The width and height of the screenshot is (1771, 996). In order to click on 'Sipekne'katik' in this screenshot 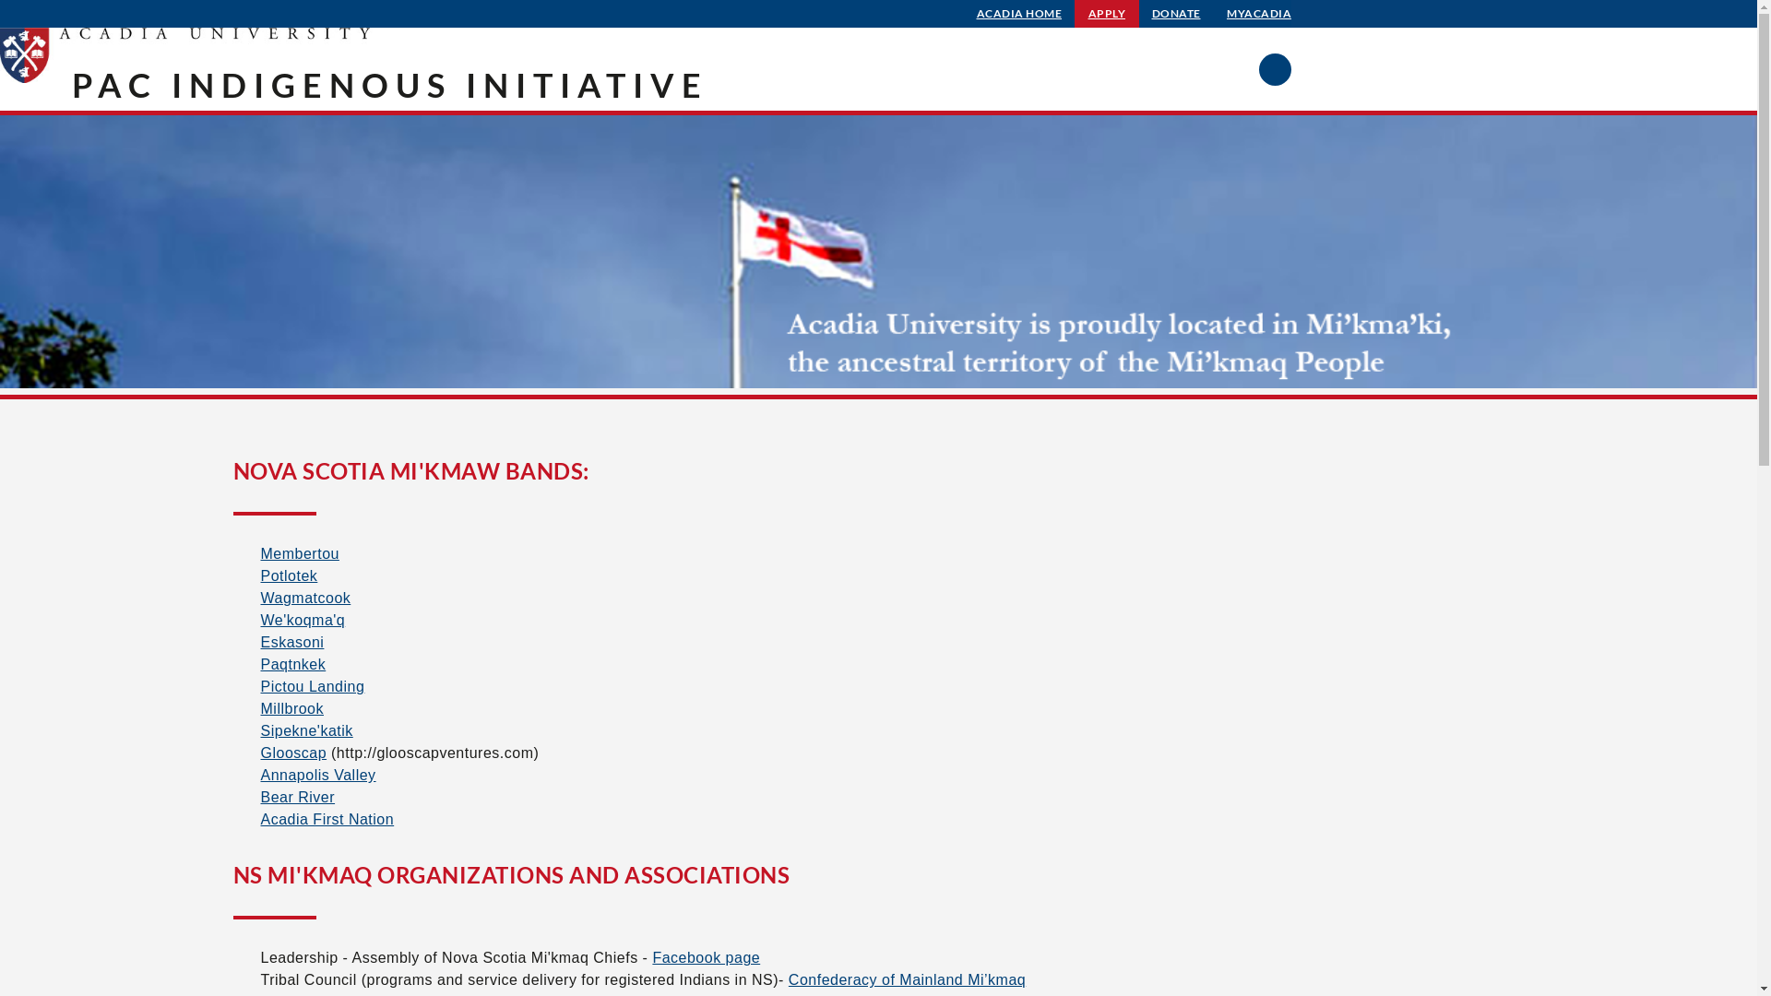, I will do `click(305, 729)`.